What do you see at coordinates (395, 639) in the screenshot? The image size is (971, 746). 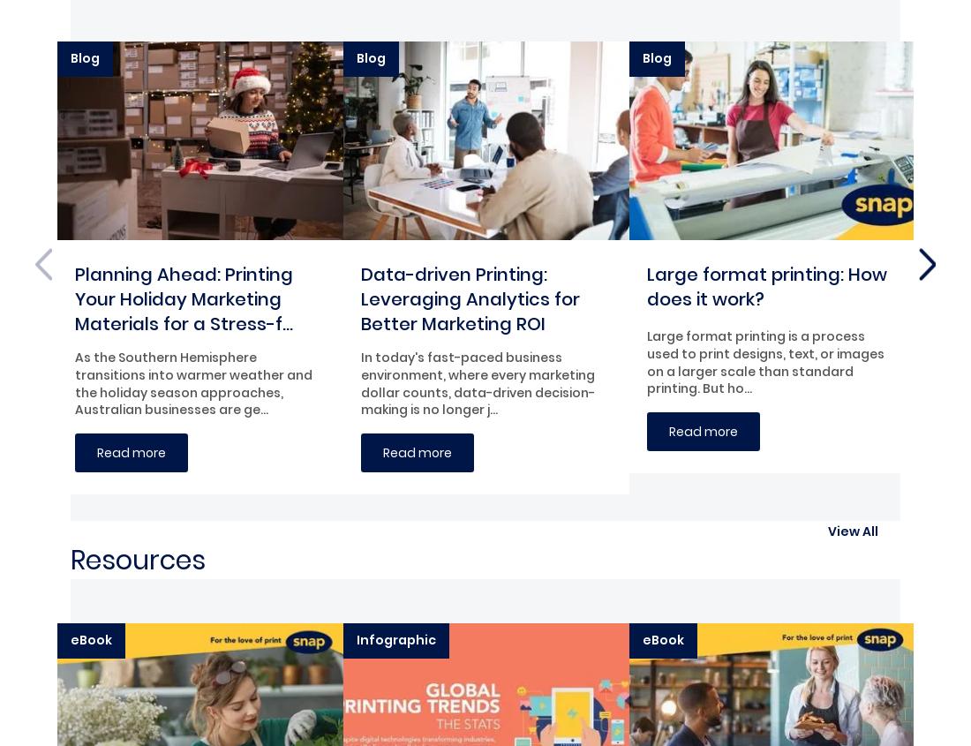 I see `'Infographic'` at bounding box center [395, 639].